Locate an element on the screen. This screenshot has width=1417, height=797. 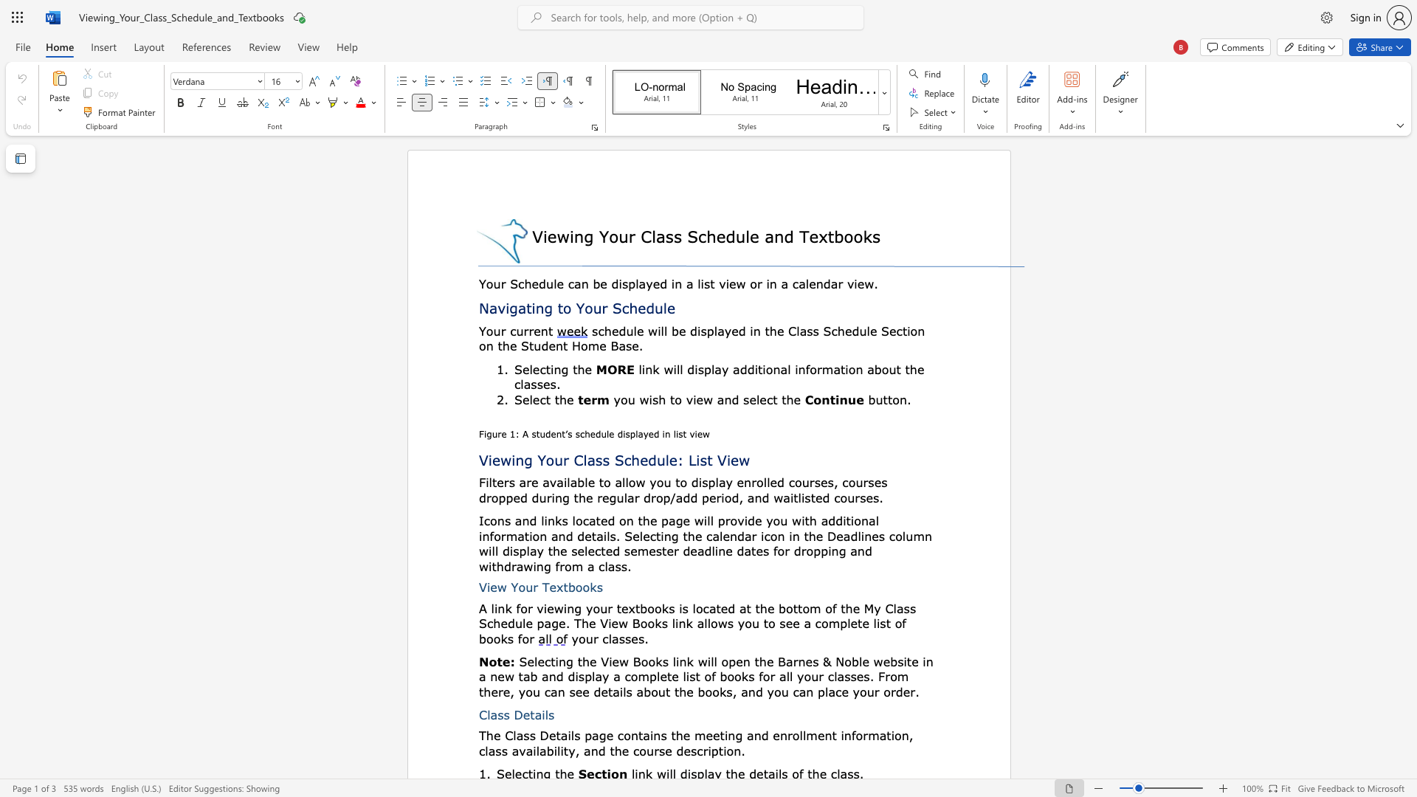
the subset text "mation abou" within the text "information about the classes." is located at coordinates (821, 368).